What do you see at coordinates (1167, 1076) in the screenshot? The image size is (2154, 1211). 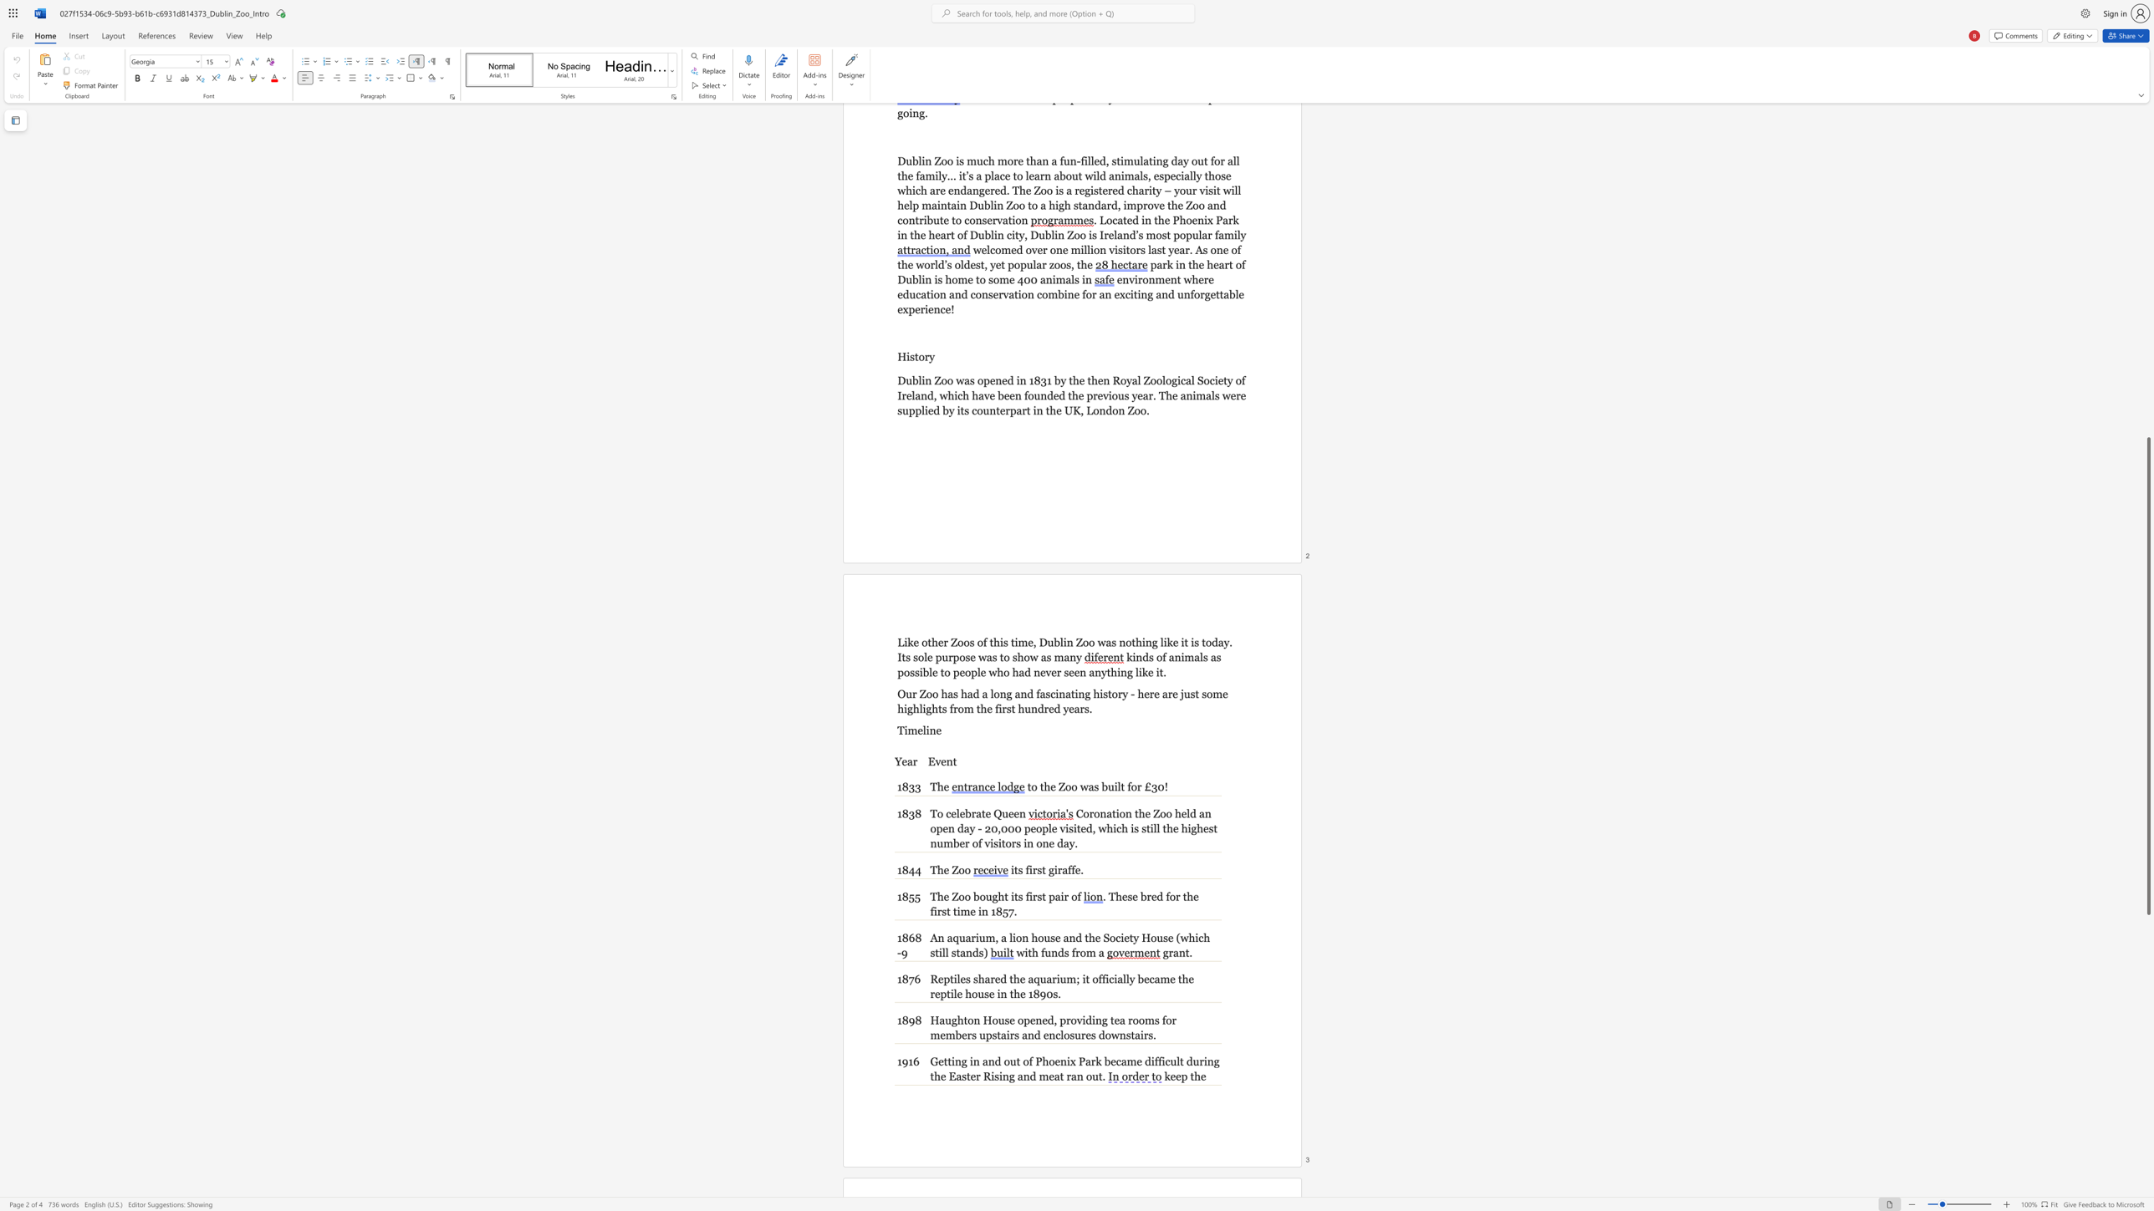 I see `the 1th character "k" in the text` at bounding box center [1167, 1076].